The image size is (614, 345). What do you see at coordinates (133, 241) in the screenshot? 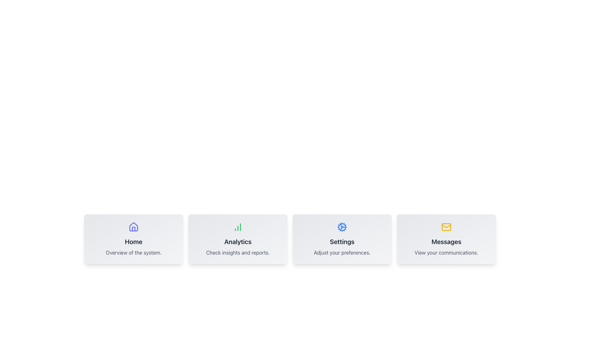
I see `the 'Home' text label, which is styled with a large, bold, dark gray font and is positioned directly below the house icon within its card` at bounding box center [133, 241].